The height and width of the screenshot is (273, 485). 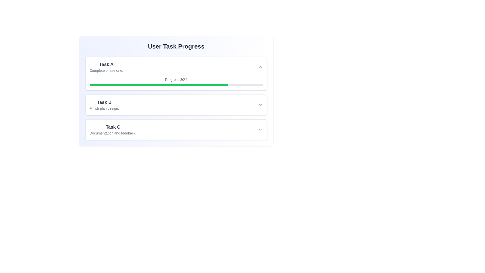 I want to click on the icon button located at the top-right corner of the task card titled 'Task A', so click(x=260, y=67).